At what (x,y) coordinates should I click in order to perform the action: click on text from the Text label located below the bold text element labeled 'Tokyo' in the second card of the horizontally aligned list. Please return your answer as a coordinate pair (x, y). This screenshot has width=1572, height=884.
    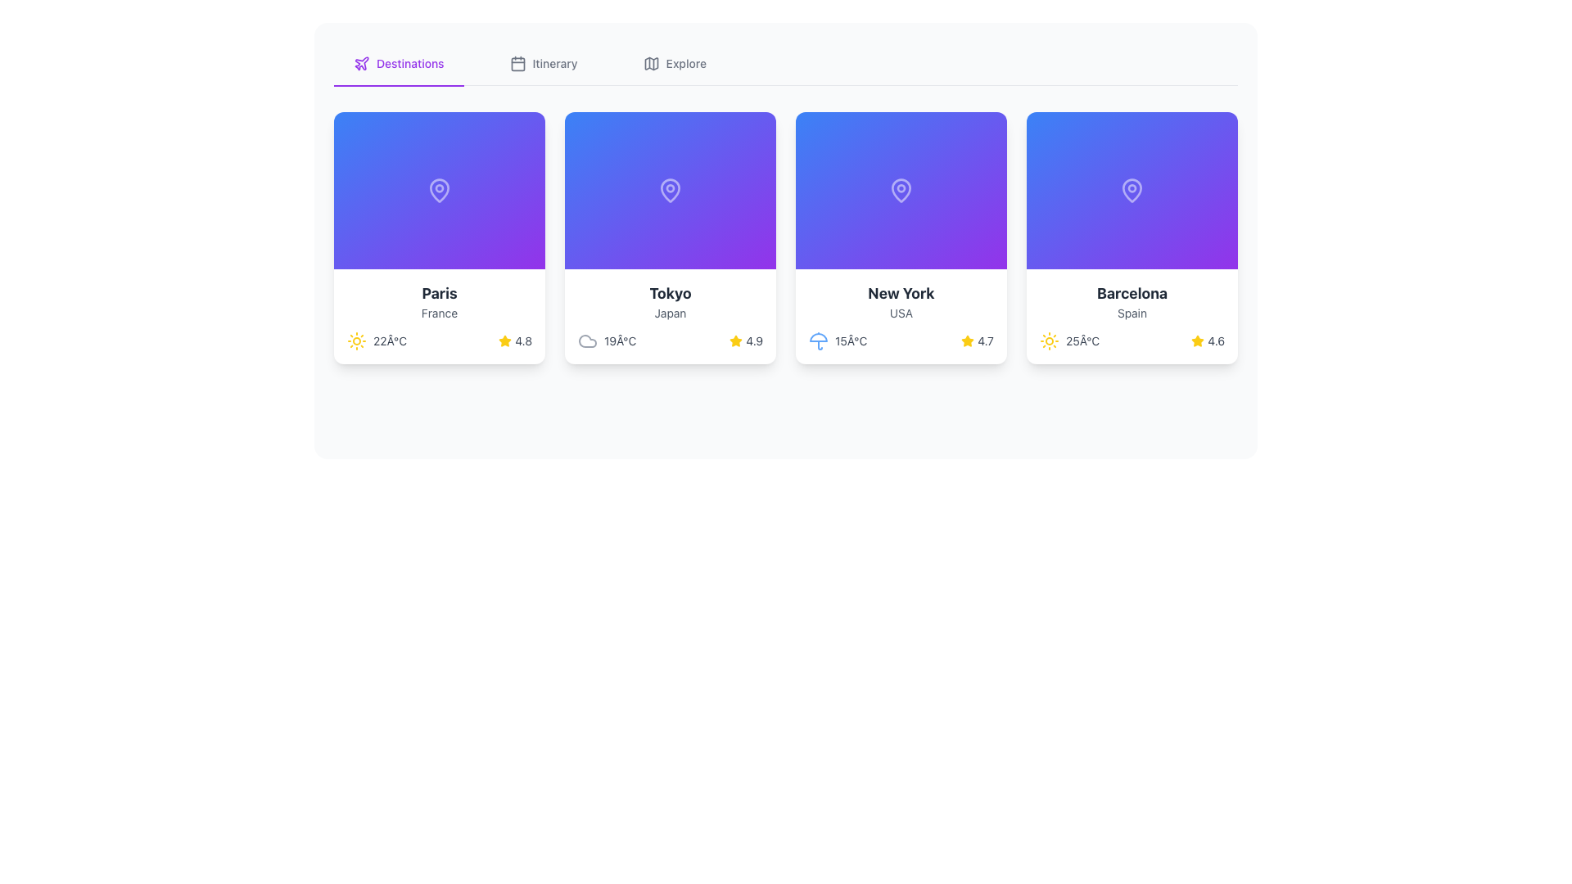
    Looking at the image, I should click on (671, 313).